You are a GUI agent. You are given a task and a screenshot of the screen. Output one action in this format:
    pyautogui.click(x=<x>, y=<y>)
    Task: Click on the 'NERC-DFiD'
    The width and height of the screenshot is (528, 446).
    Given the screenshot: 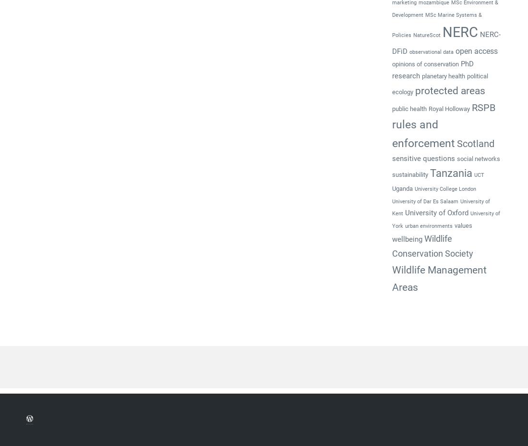 What is the action you would take?
    pyautogui.click(x=446, y=42)
    